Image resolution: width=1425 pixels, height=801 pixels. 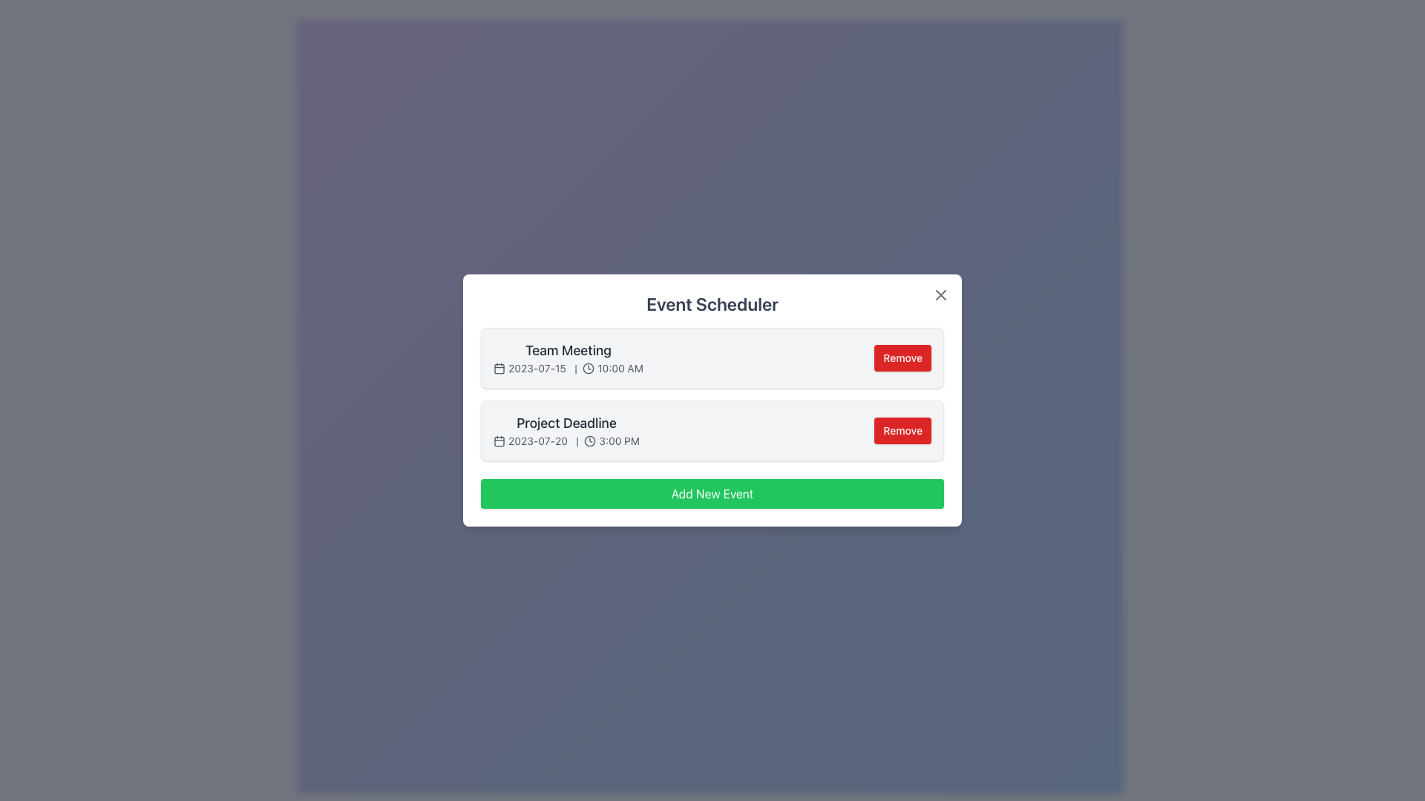 I want to click on text from the informational block displaying 'Project Deadline' and '2023-07-20 | 3:00 PM' located in a white, rounded box, positioned in the second row of events, so click(x=566, y=431).